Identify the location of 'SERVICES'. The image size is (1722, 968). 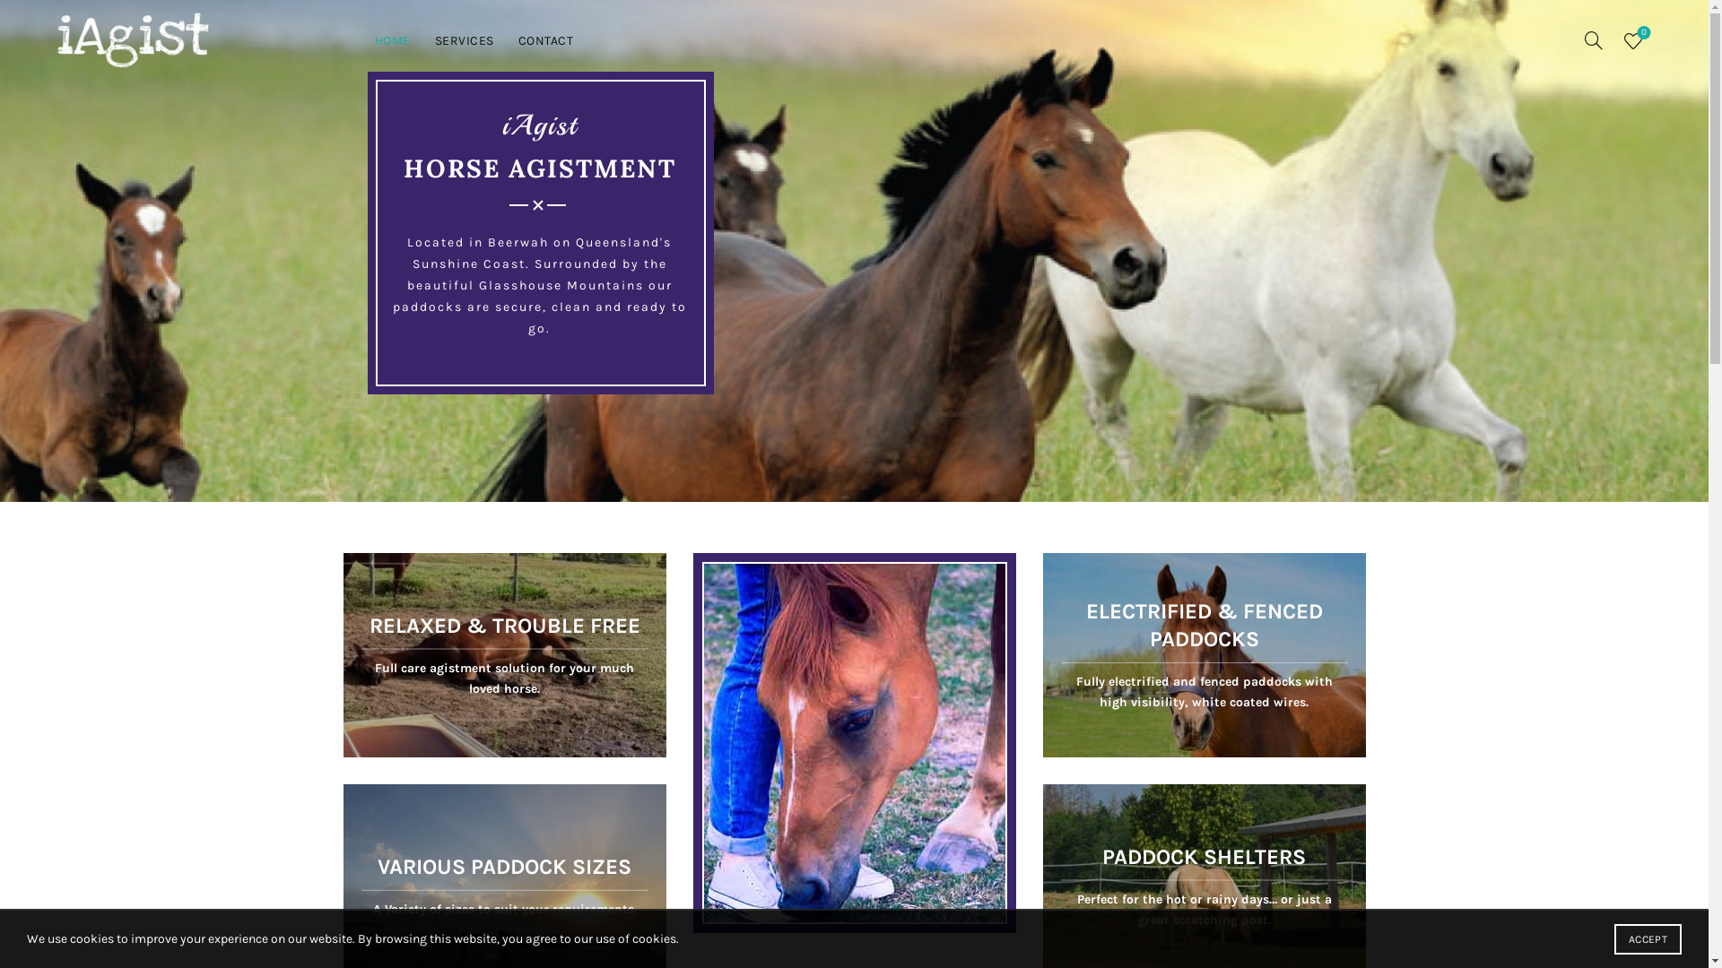
(465, 40).